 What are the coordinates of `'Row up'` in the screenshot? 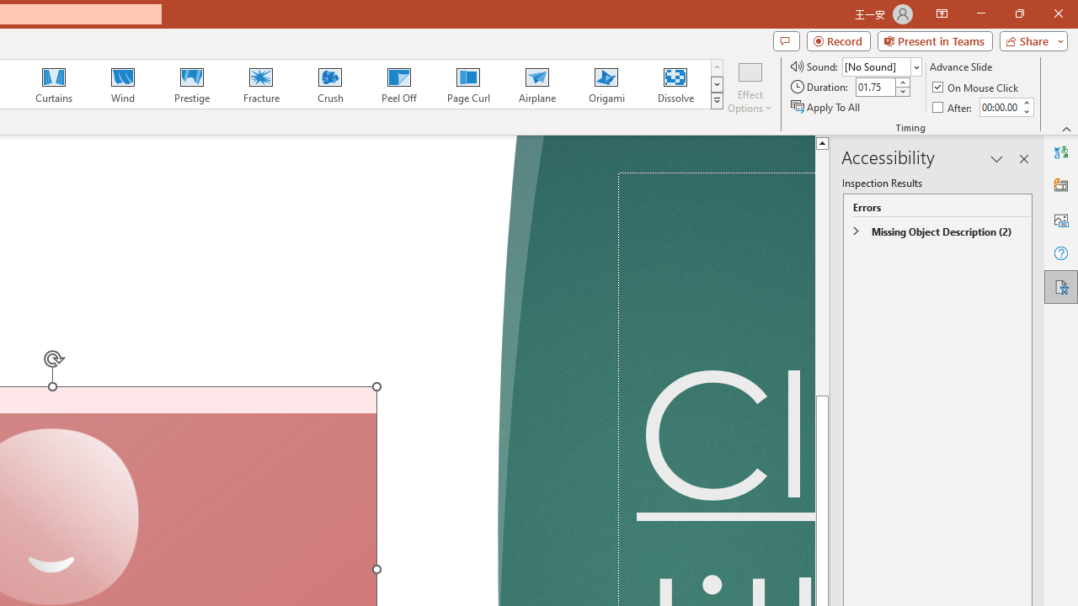 It's located at (717, 66).